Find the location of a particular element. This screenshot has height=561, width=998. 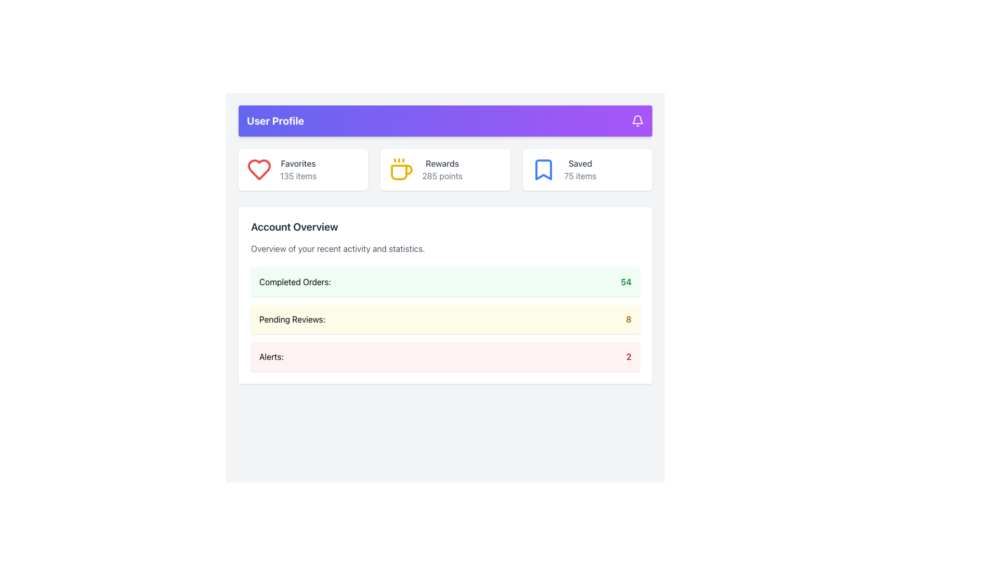

the Text Label that displays the number of saved items associated with a user, positioned below the 'Saved' label in a card at the top right of the layout is located at coordinates (580, 176).